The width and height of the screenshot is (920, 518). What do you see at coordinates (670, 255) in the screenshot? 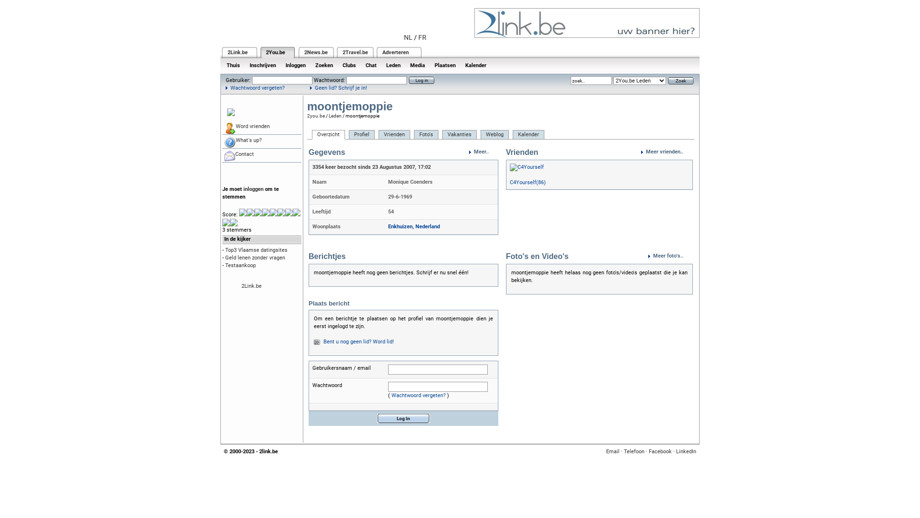
I see `'Meer foto's..'` at bounding box center [670, 255].